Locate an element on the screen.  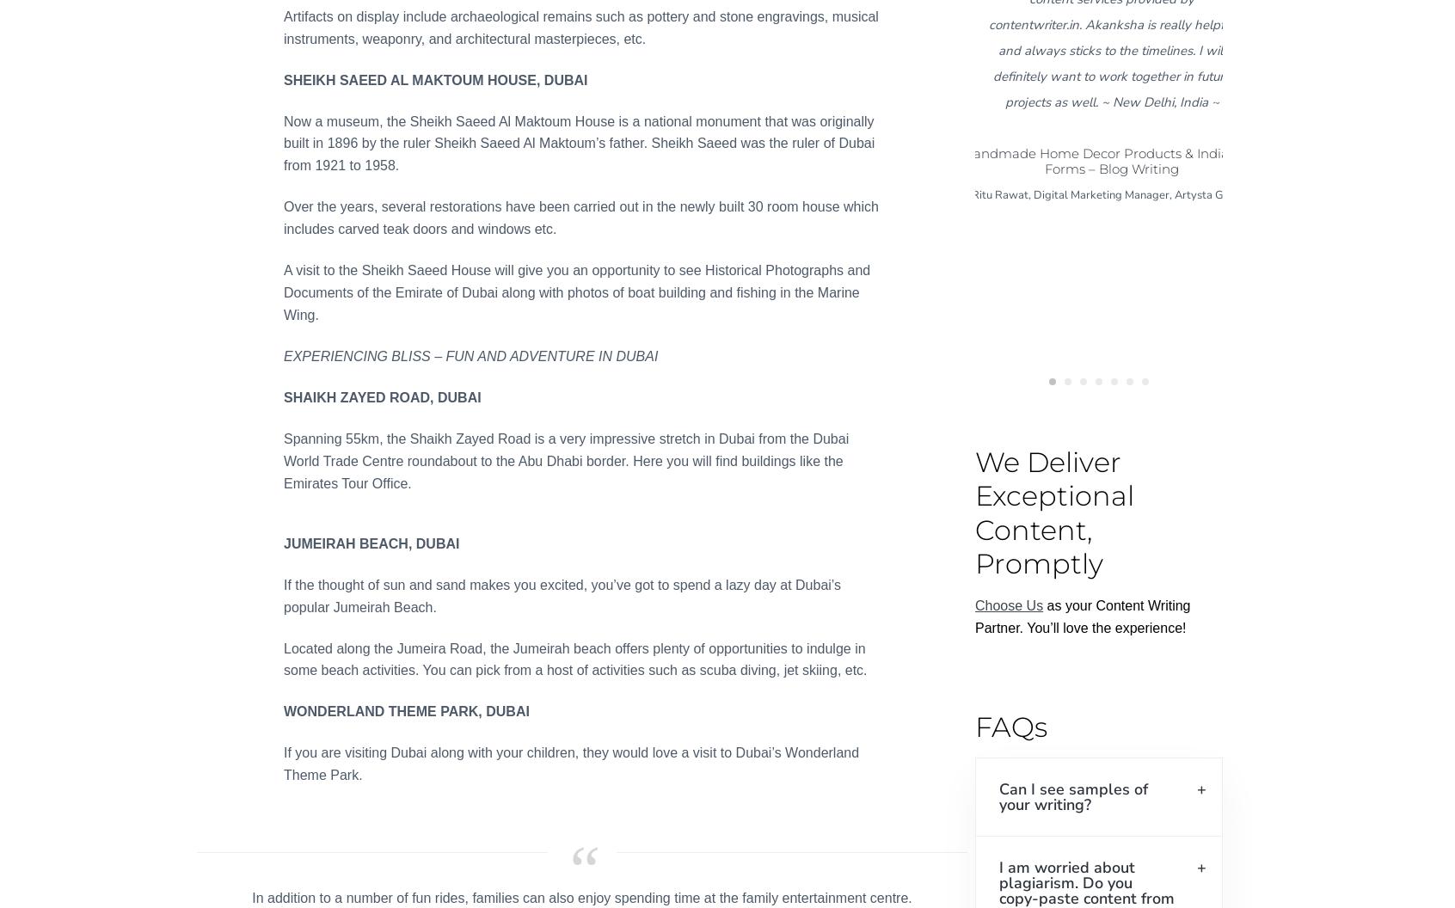
'In addition to a number of fun rides, families can also enjoy spending time at the family entertainment centre.' is located at coordinates (251, 897).